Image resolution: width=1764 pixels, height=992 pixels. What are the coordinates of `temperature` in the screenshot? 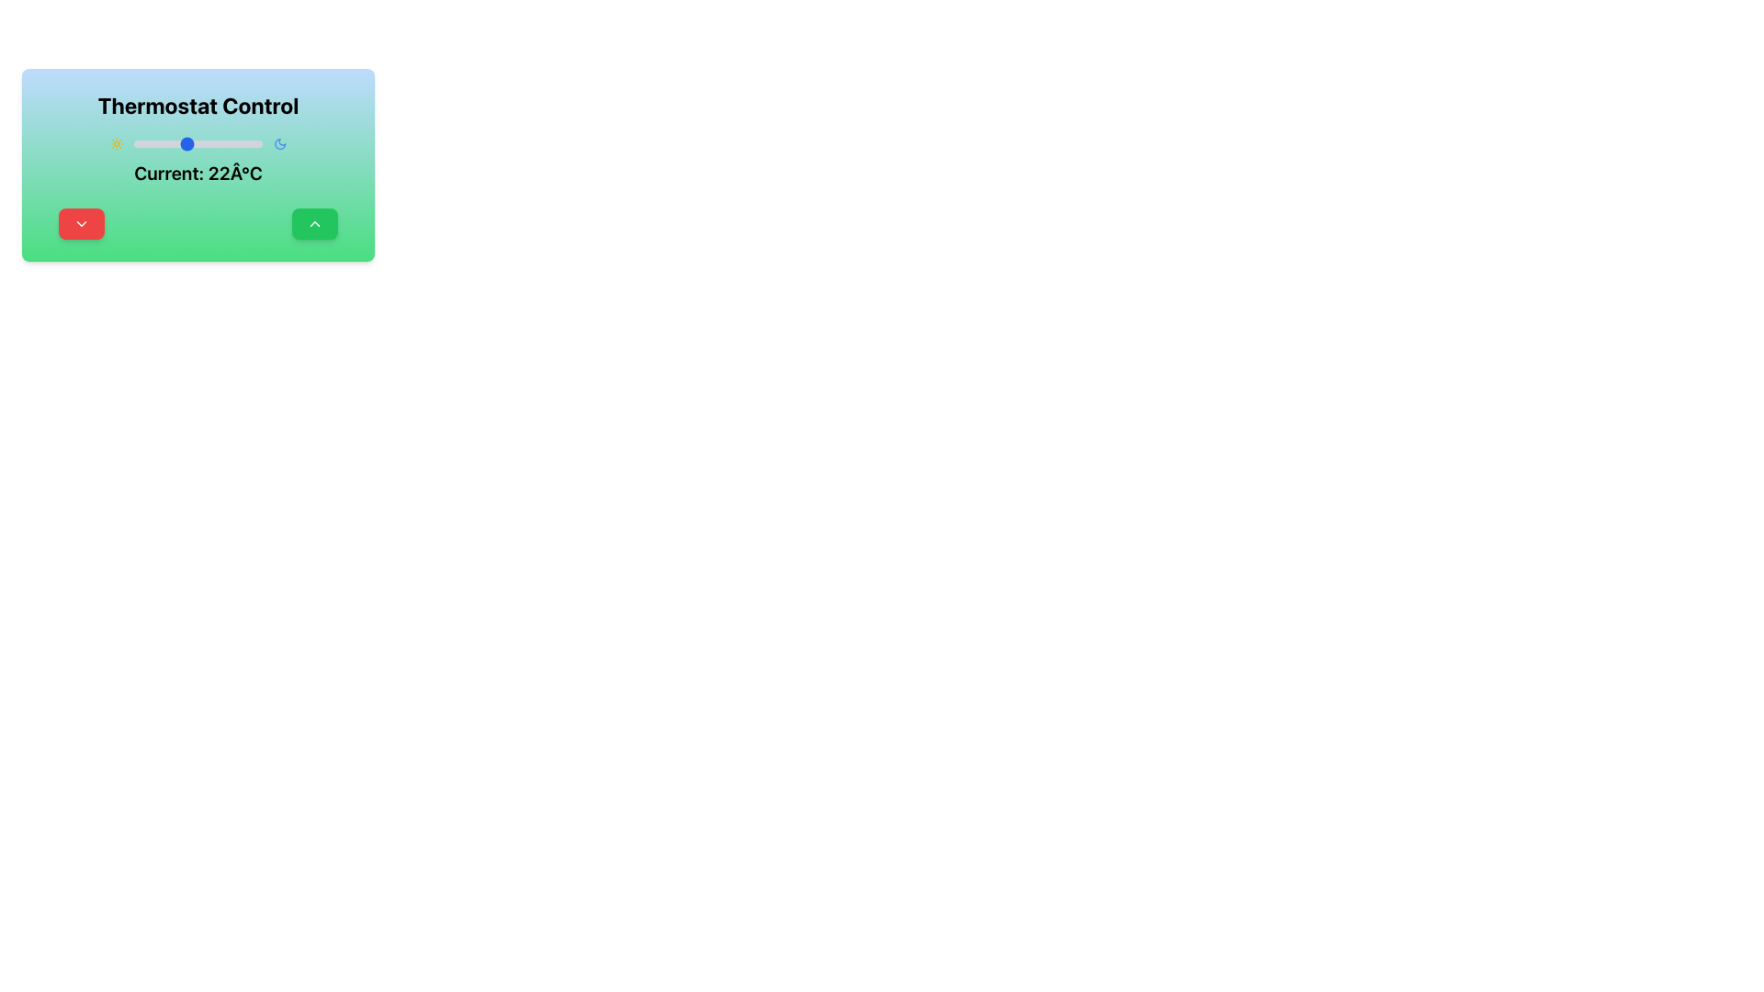 It's located at (185, 143).